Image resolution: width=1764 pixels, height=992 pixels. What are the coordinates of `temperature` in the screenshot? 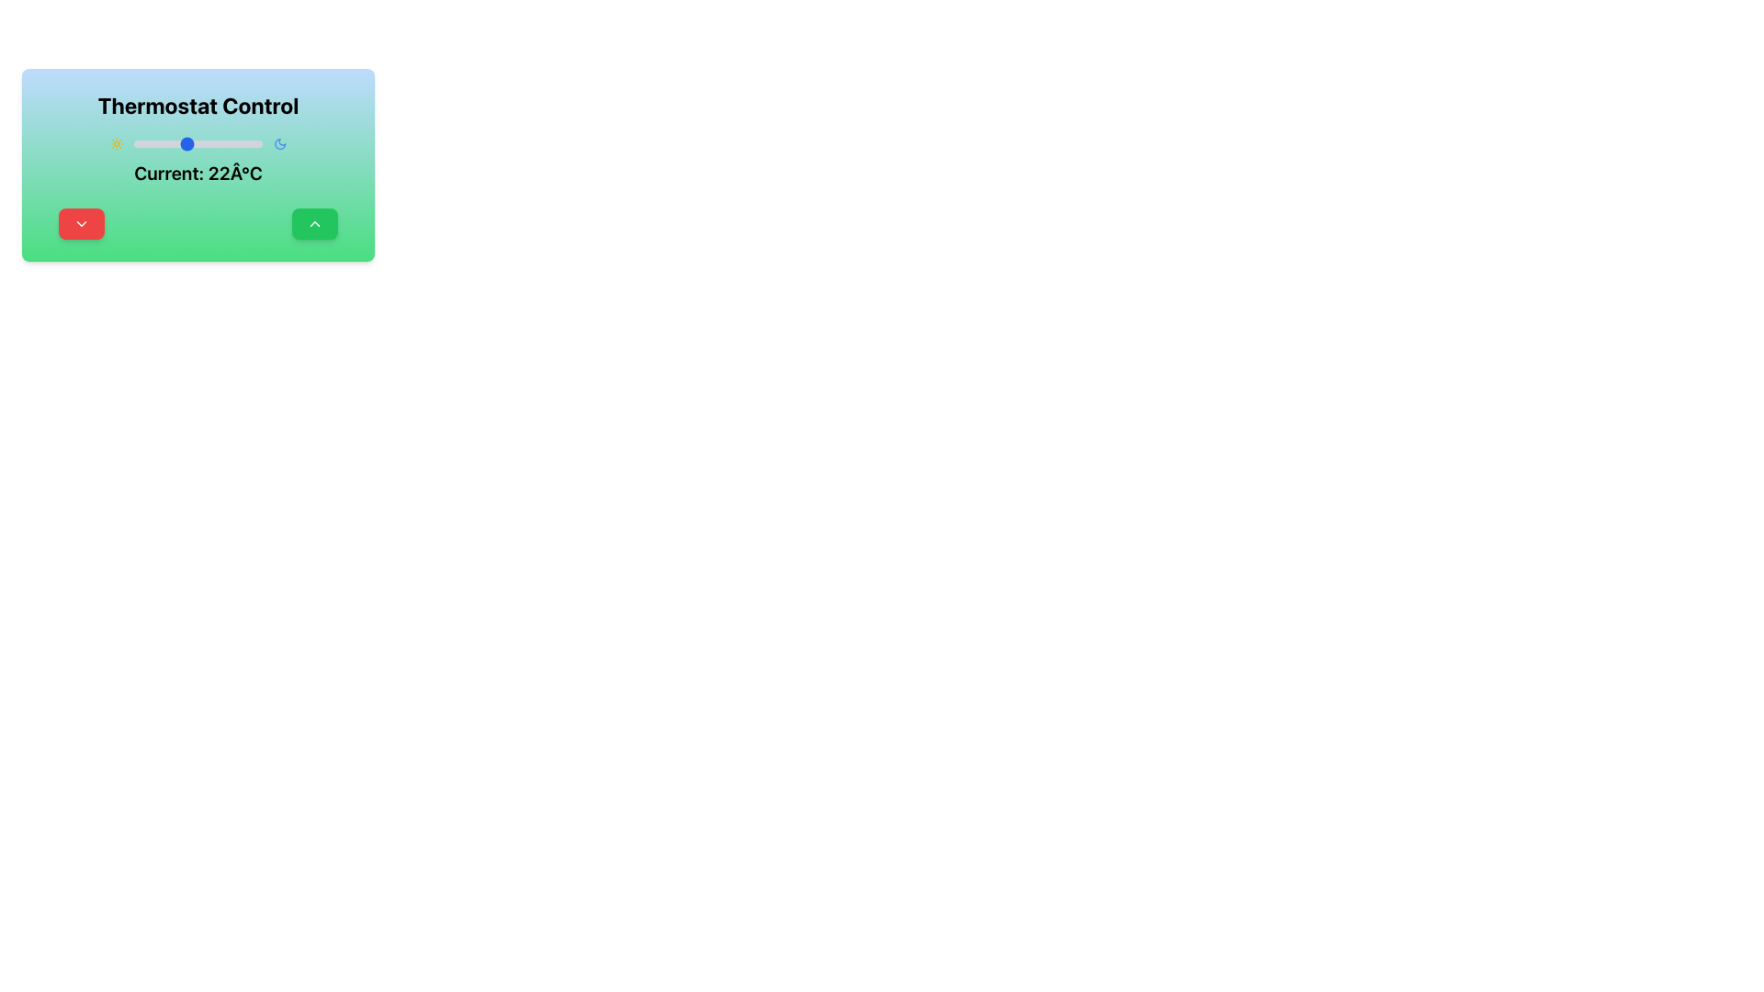 It's located at (185, 143).